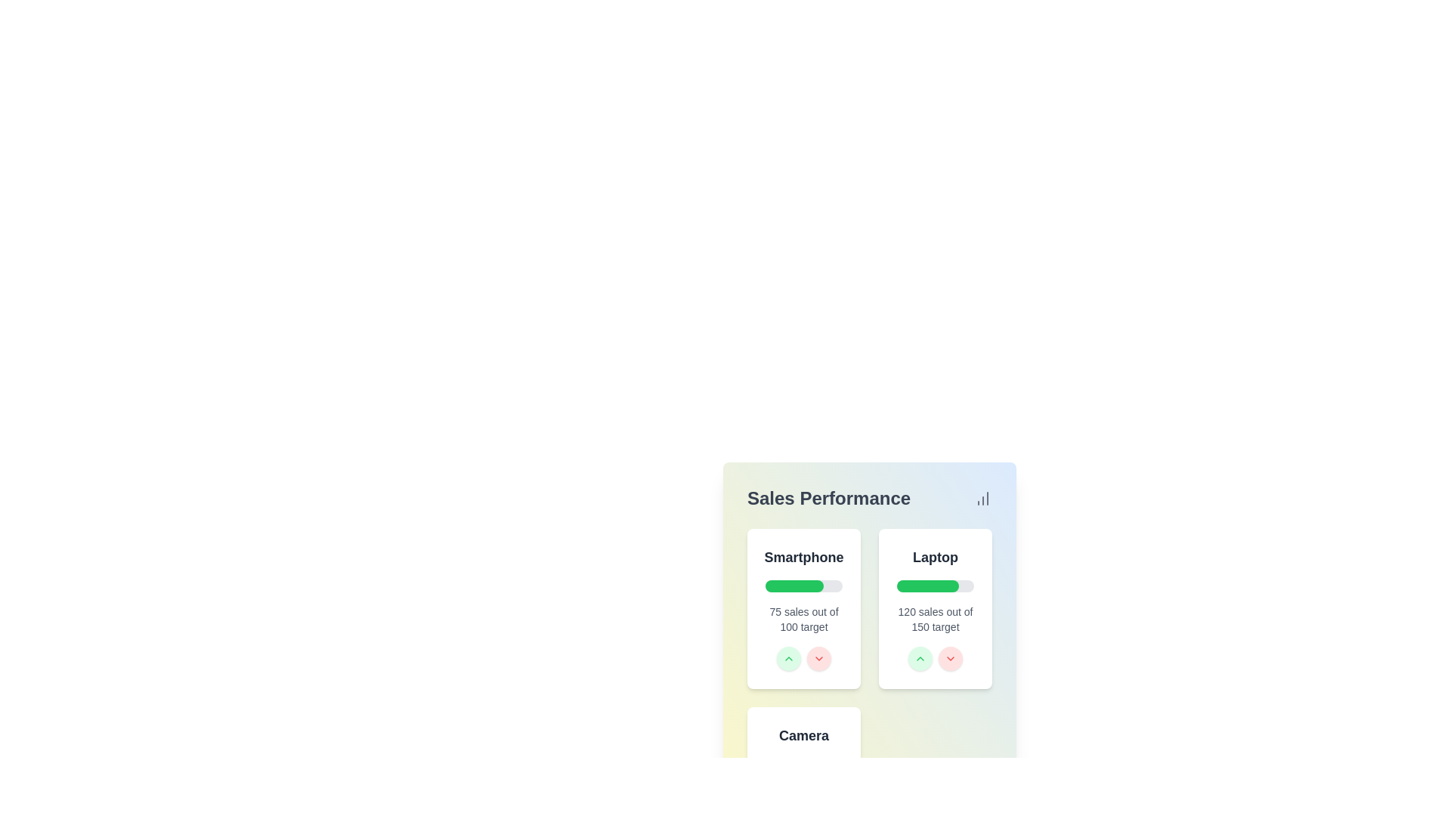  I want to click on the green up arrow button in the voting button group located beneath the progress bar and text '75 sales out of 100 target' in the 'Smartphone' card to increment the vote, so click(803, 657).